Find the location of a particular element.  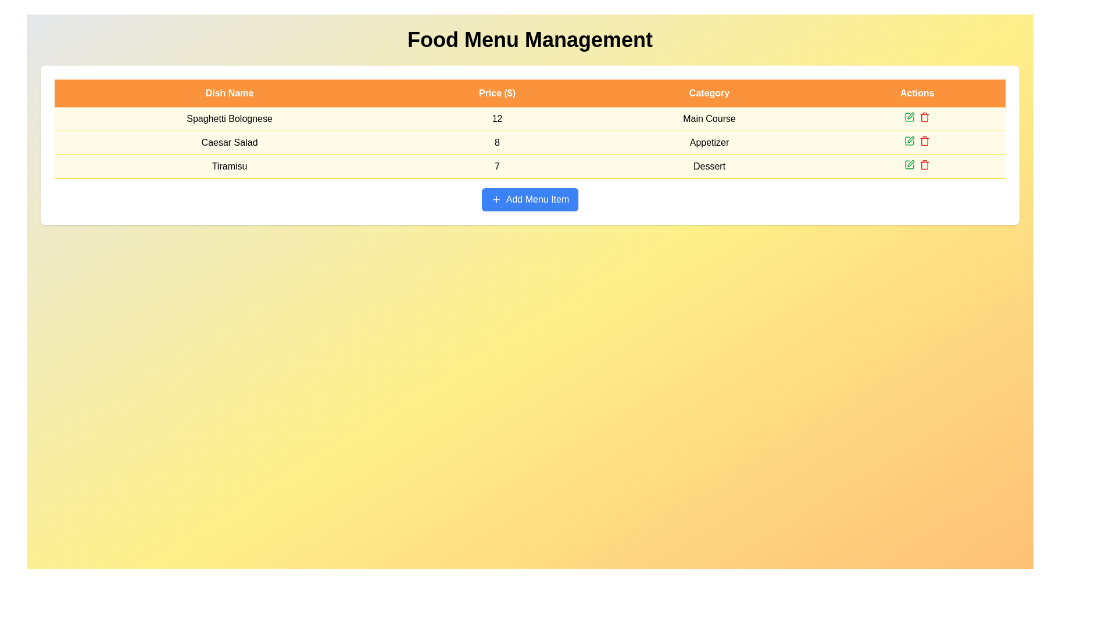

the green pencil icon in the second row of the 'Actions' column to initiate editing is located at coordinates (908, 140).